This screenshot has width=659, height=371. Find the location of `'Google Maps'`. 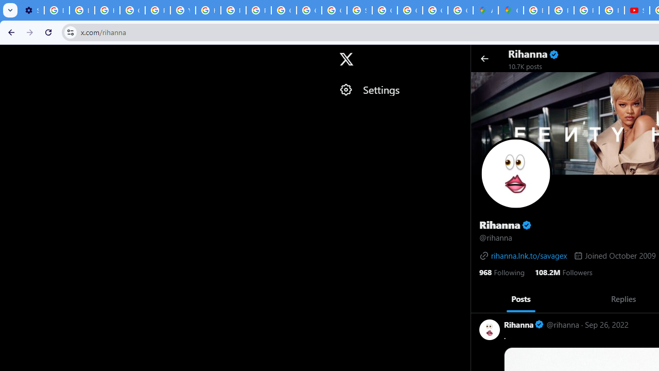

'Google Maps' is located at coordinates (511, 10).